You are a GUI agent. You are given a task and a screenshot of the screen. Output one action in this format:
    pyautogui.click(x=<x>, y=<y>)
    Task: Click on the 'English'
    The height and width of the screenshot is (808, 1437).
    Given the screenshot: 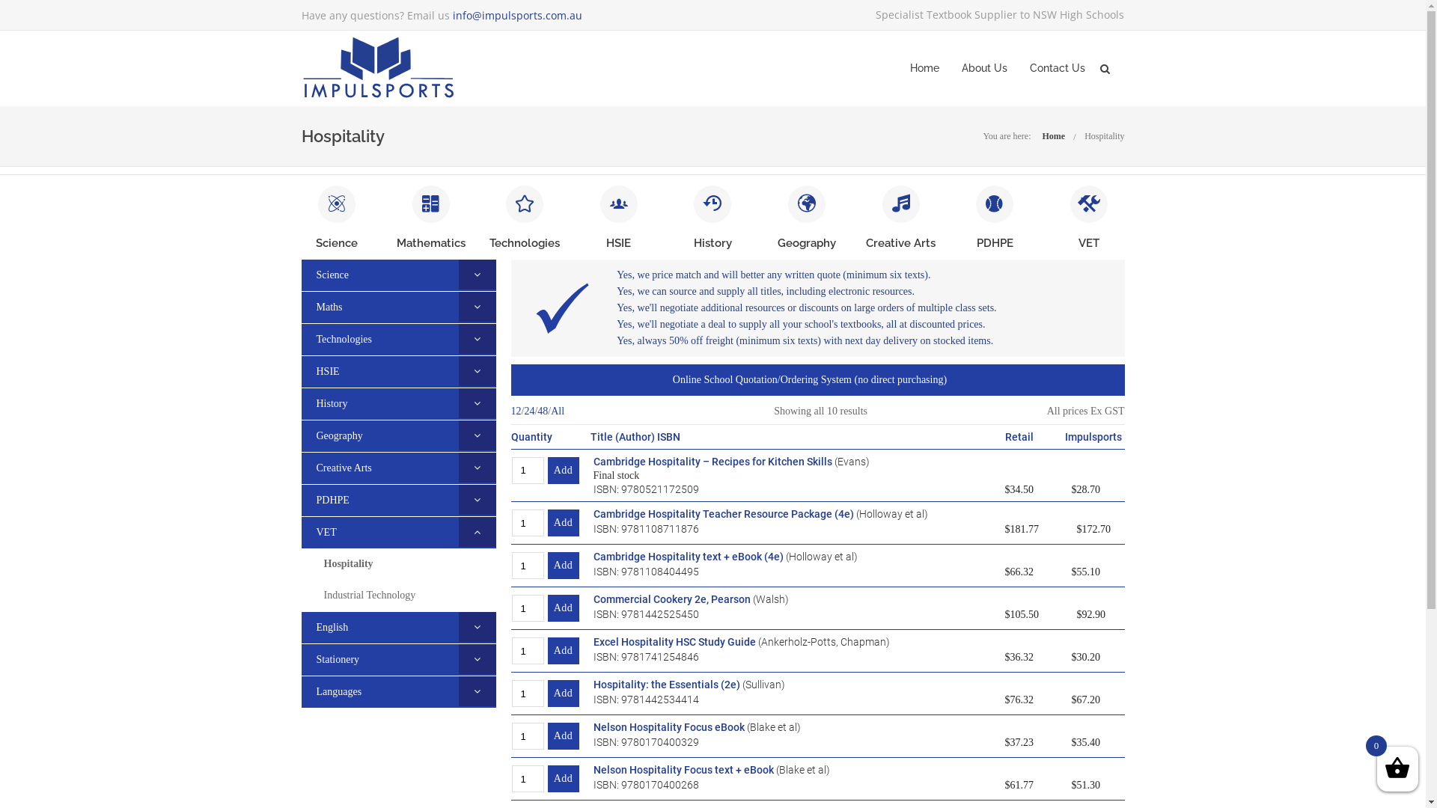 What is the action you would take?
    pyautogui.click(x=300, y=627)
    